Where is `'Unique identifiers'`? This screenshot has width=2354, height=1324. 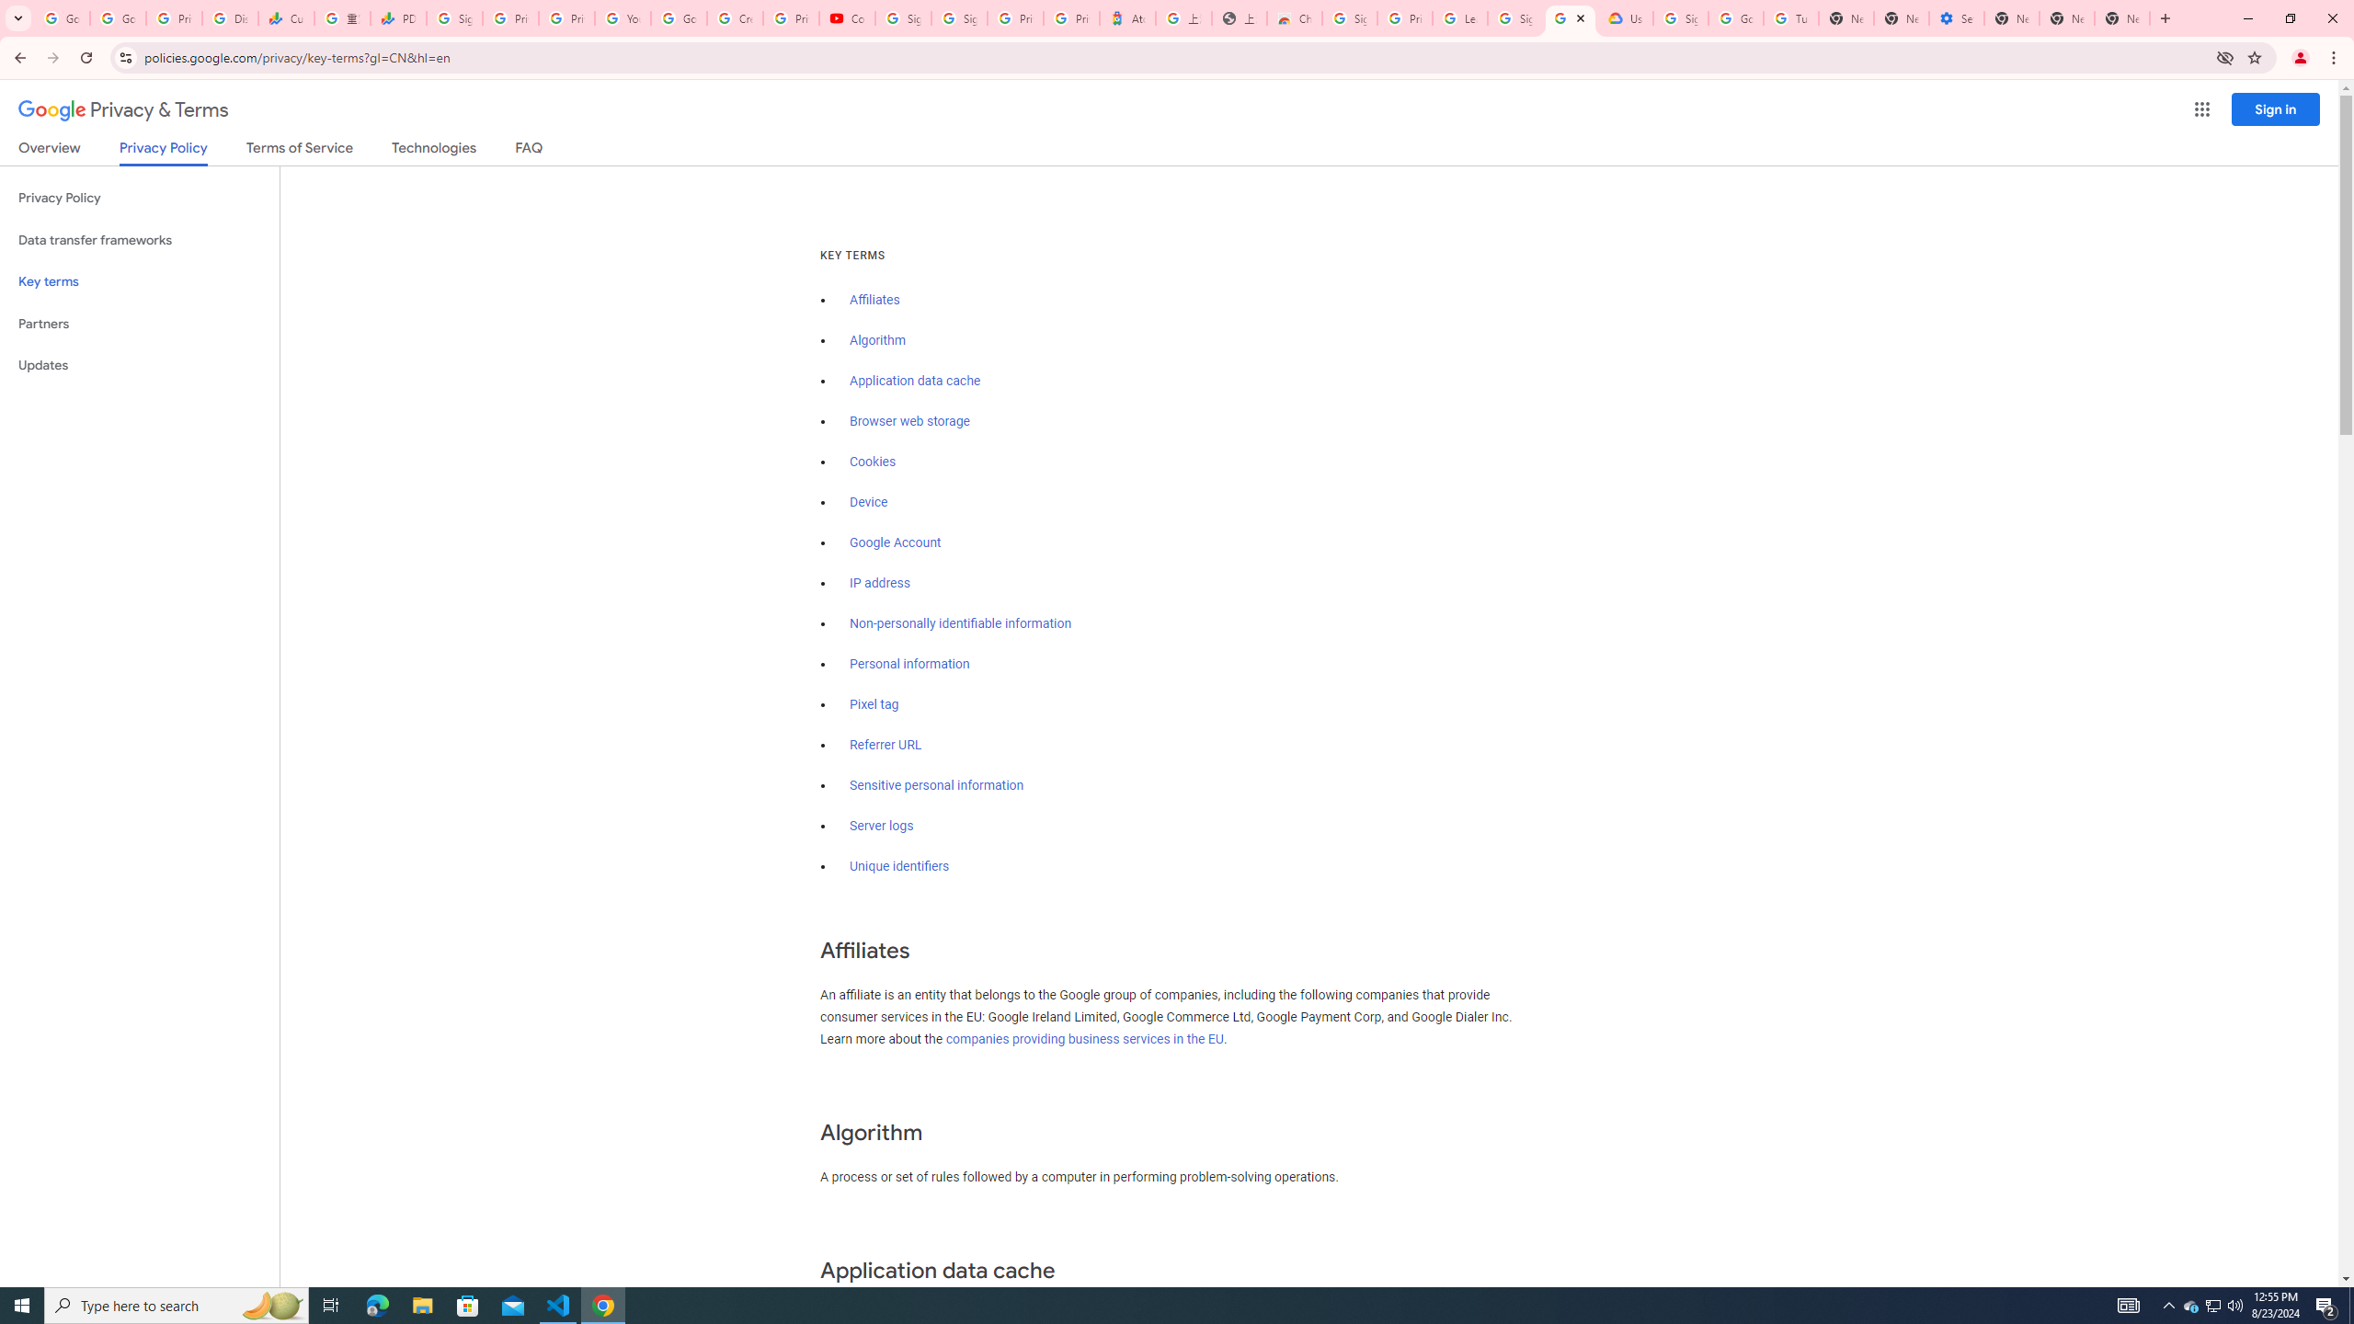
'Unique identifiers' is located at coordinates (899, 866).